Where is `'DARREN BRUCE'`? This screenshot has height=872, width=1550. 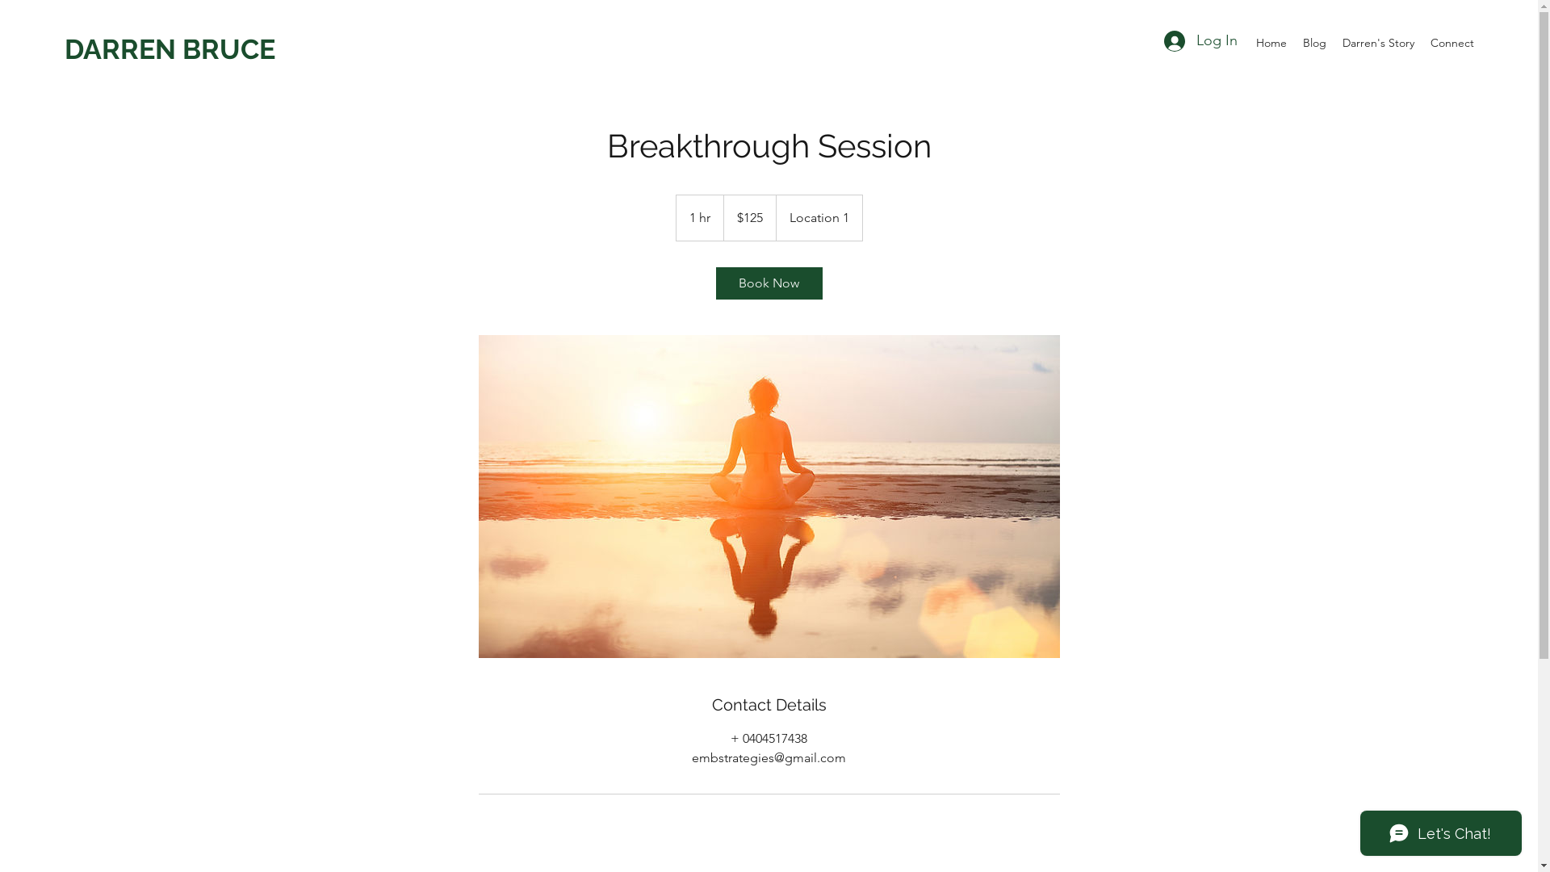
'DARREN BRUCE' is located at coordinates (170, 48).